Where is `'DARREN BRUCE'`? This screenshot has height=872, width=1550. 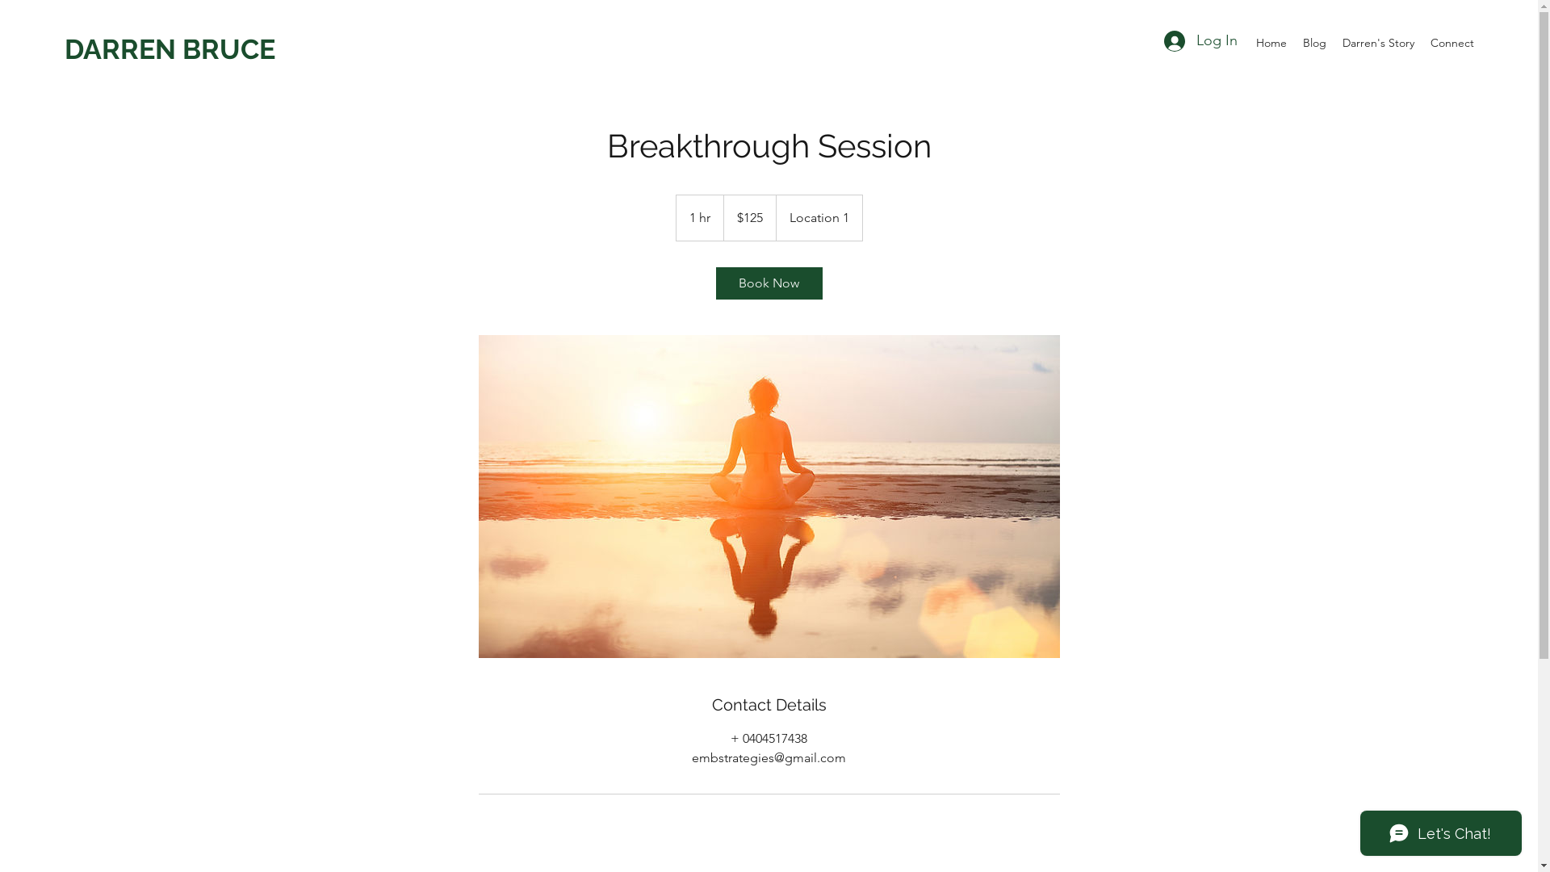
'DARREN BRUCE' is located at coordinates (170, 48).